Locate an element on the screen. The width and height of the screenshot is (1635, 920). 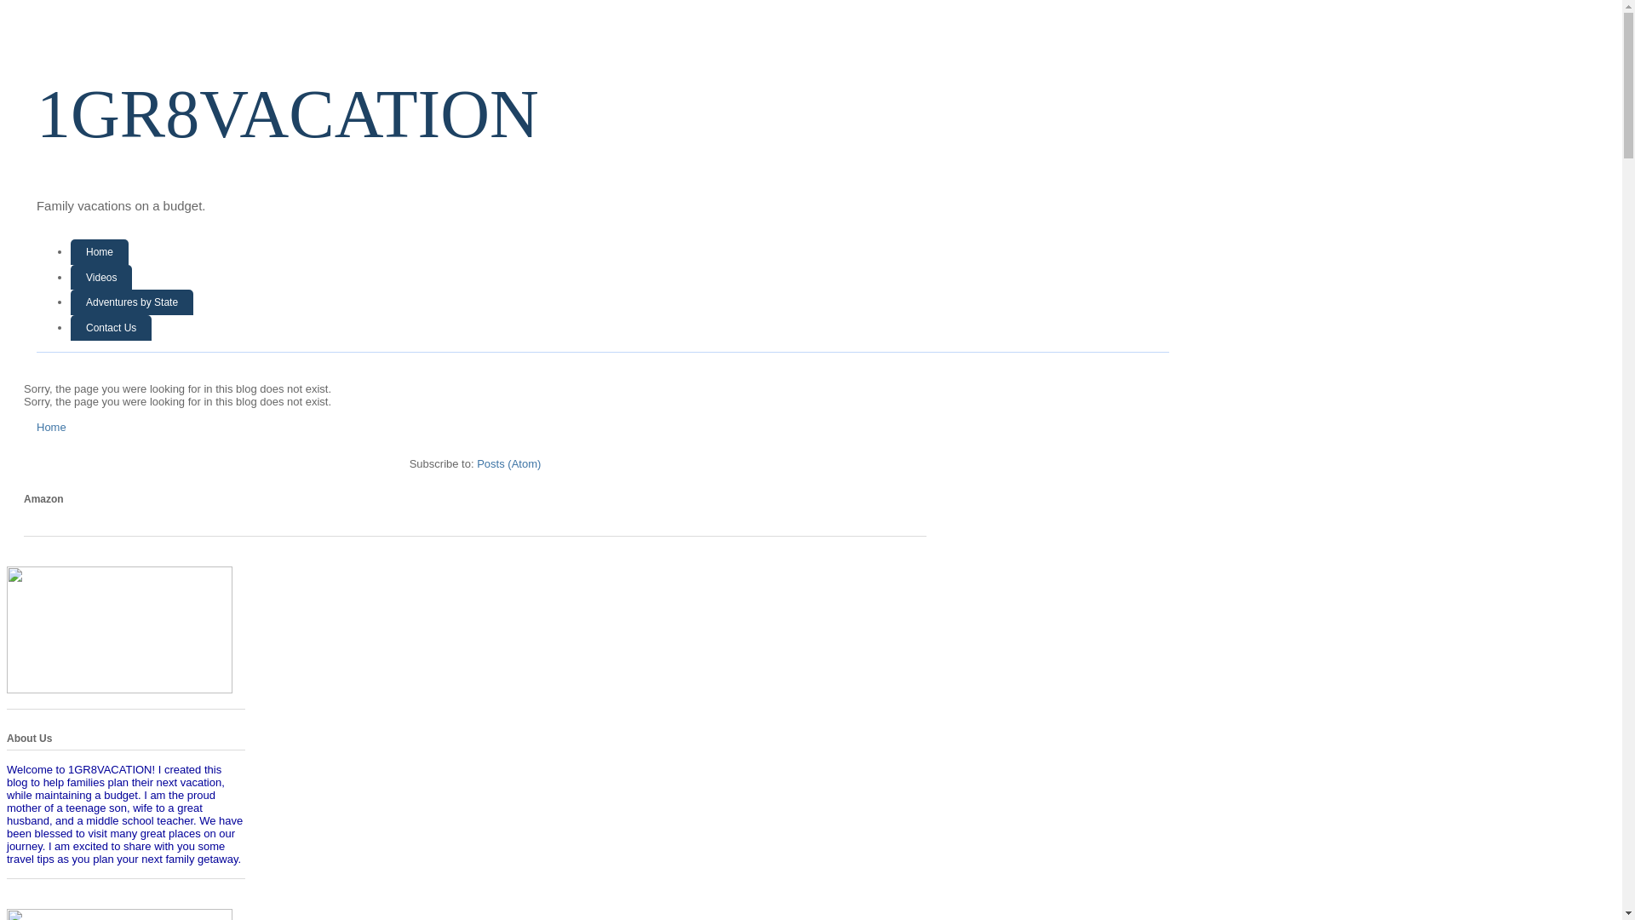
'Posts (Atom)' is located at coordinates (508, 463).